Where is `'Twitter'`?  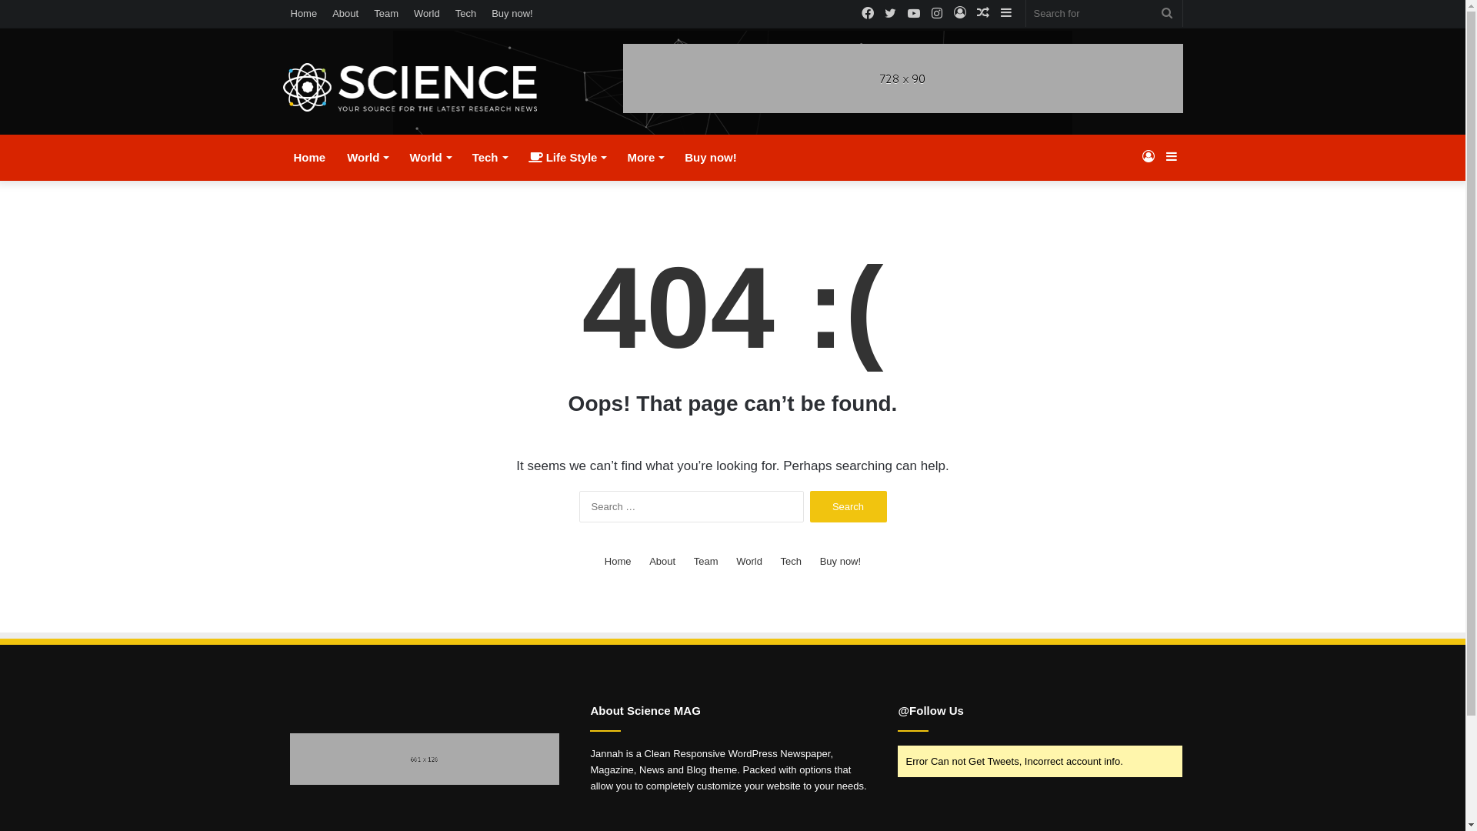 'Twitter' is located at coordinates (890, 14).